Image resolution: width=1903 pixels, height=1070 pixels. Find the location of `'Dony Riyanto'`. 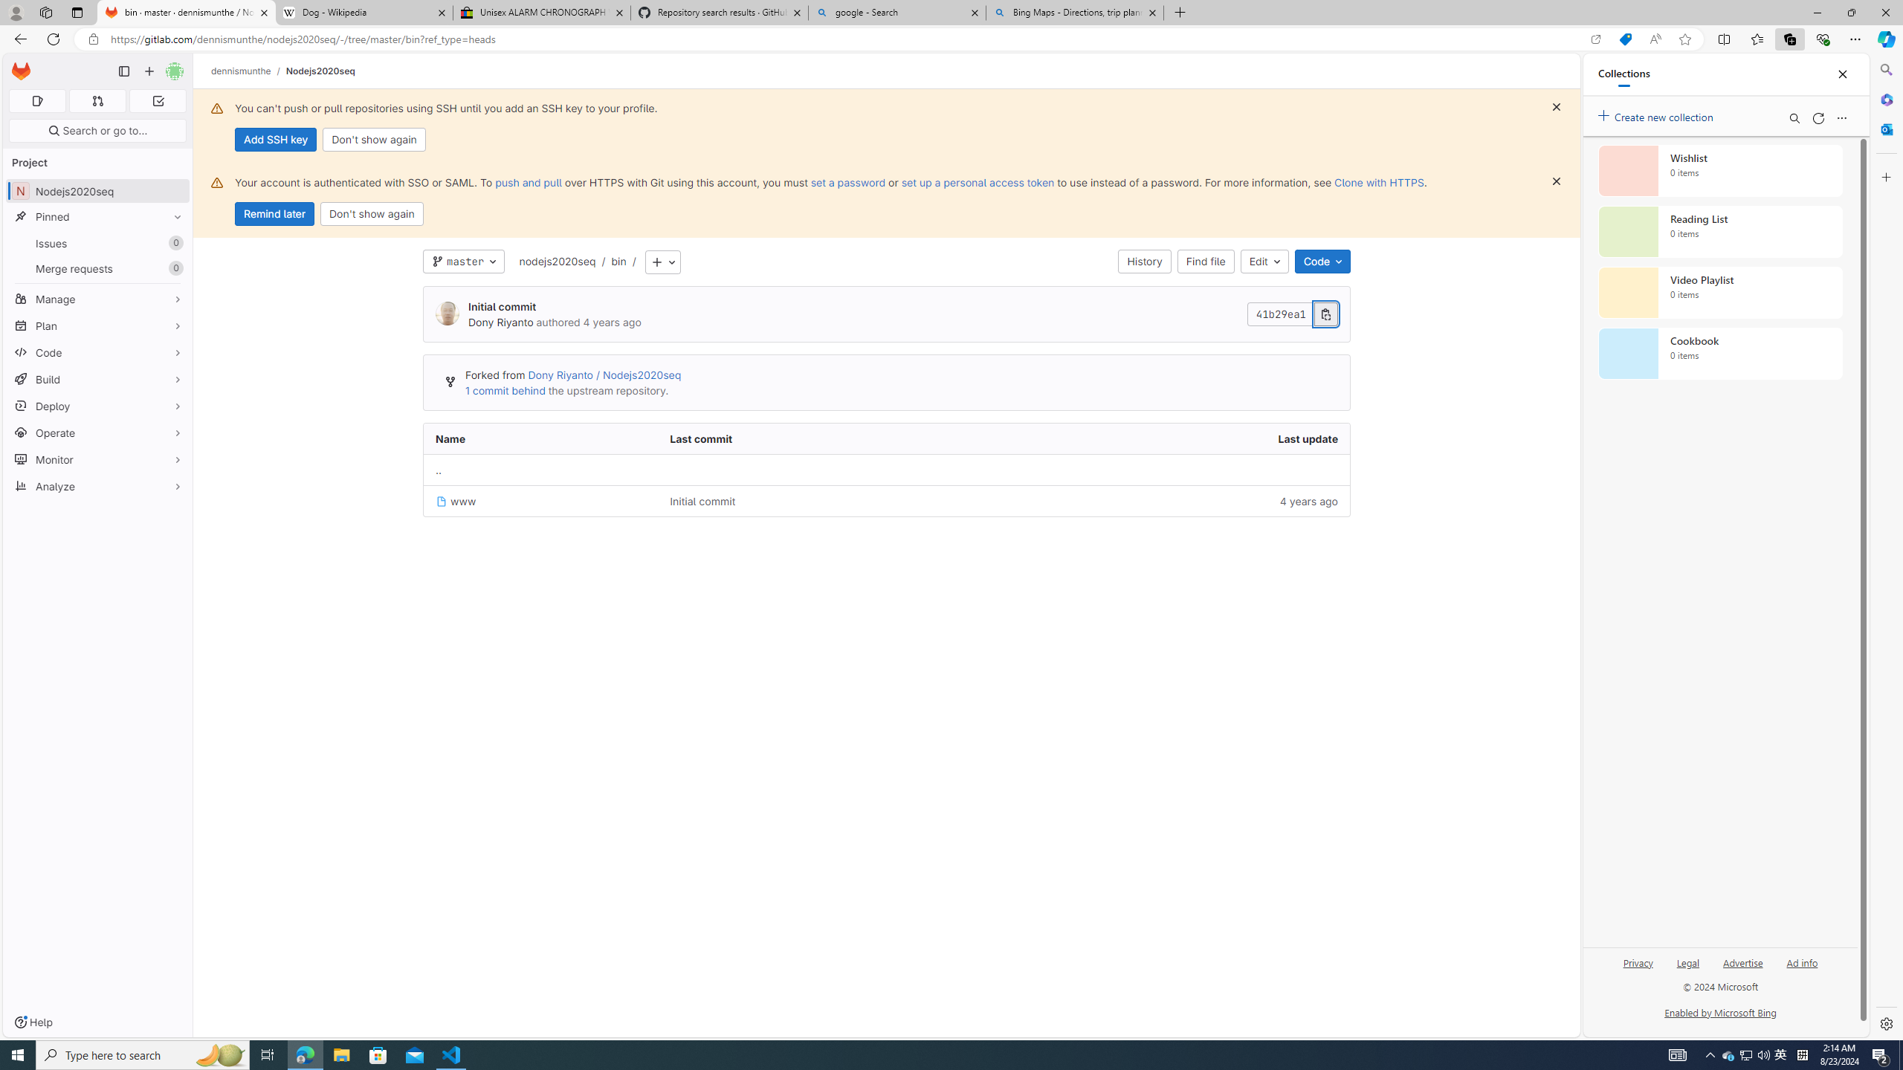

'Dony Riyanto' is located at coordinates (500, 322).